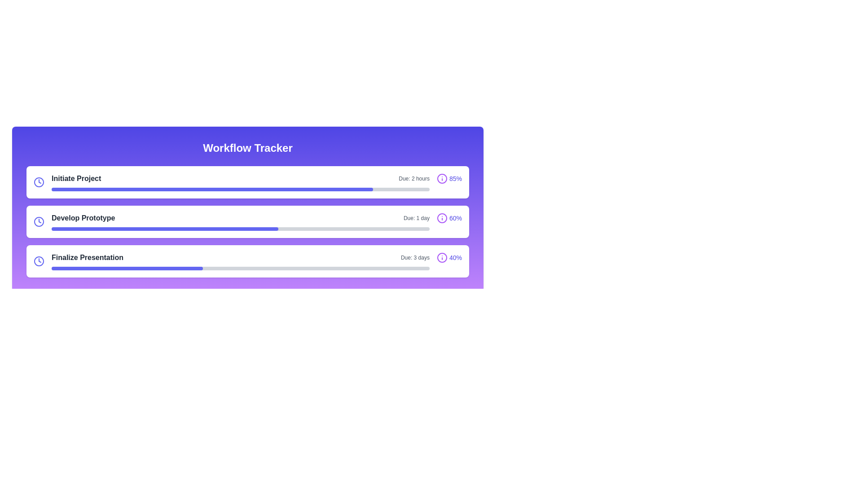 The width and height of the screenshot is (862, 485). I want to click on the Text label that indicates the deadline for the task 'Develop Prototype', positioned to the right of the task's progress bar and informational icon, so click(416, 218).